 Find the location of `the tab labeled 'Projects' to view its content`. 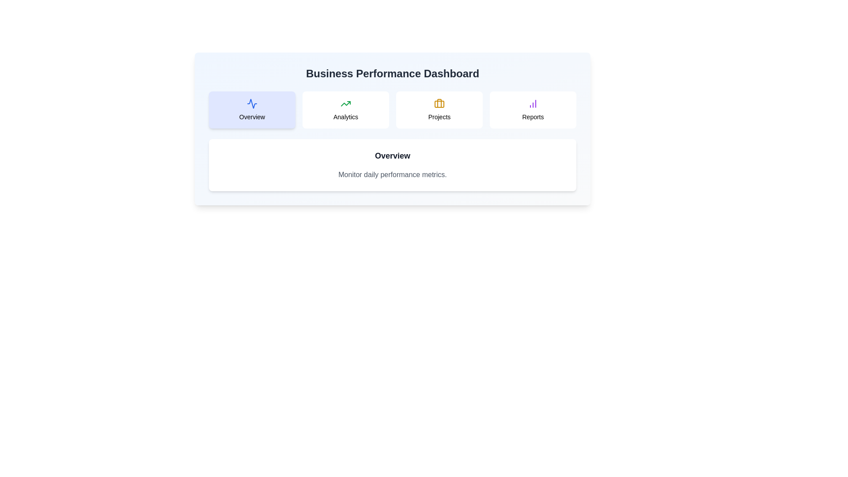

the tab labeled 'Projects' to view its content is located at coordinates (439, 110).